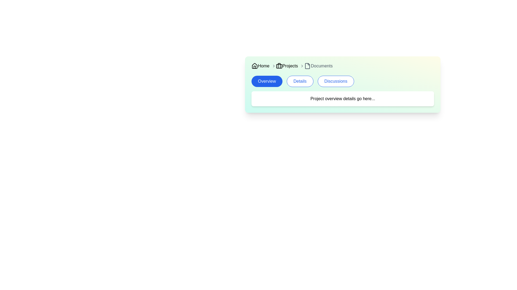 This screenshot has width=517, height=290. What do you see at coordinates (336, 81) in the screenshot?
I see `the 'Discussions' button, which is a rounded rectangle with a white background and blue border, located on the right side of the group of three buttons` at bounding box center [336, 81].